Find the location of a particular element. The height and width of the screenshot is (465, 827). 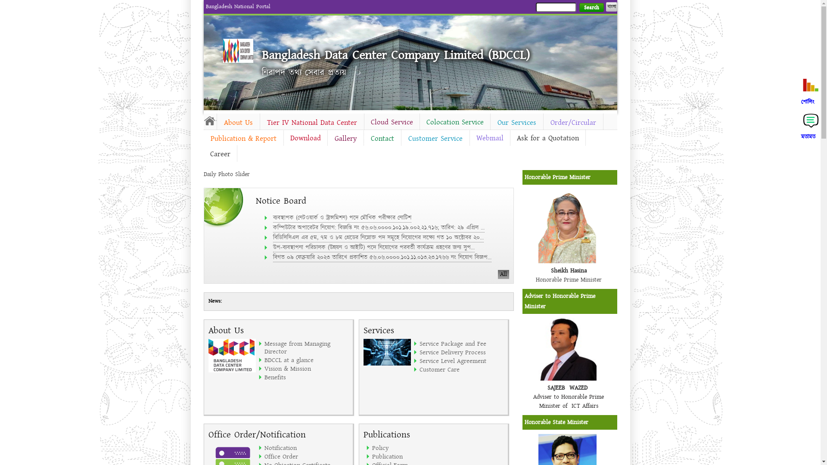

'Vision & Mission' is located at coordinates (306, 368).